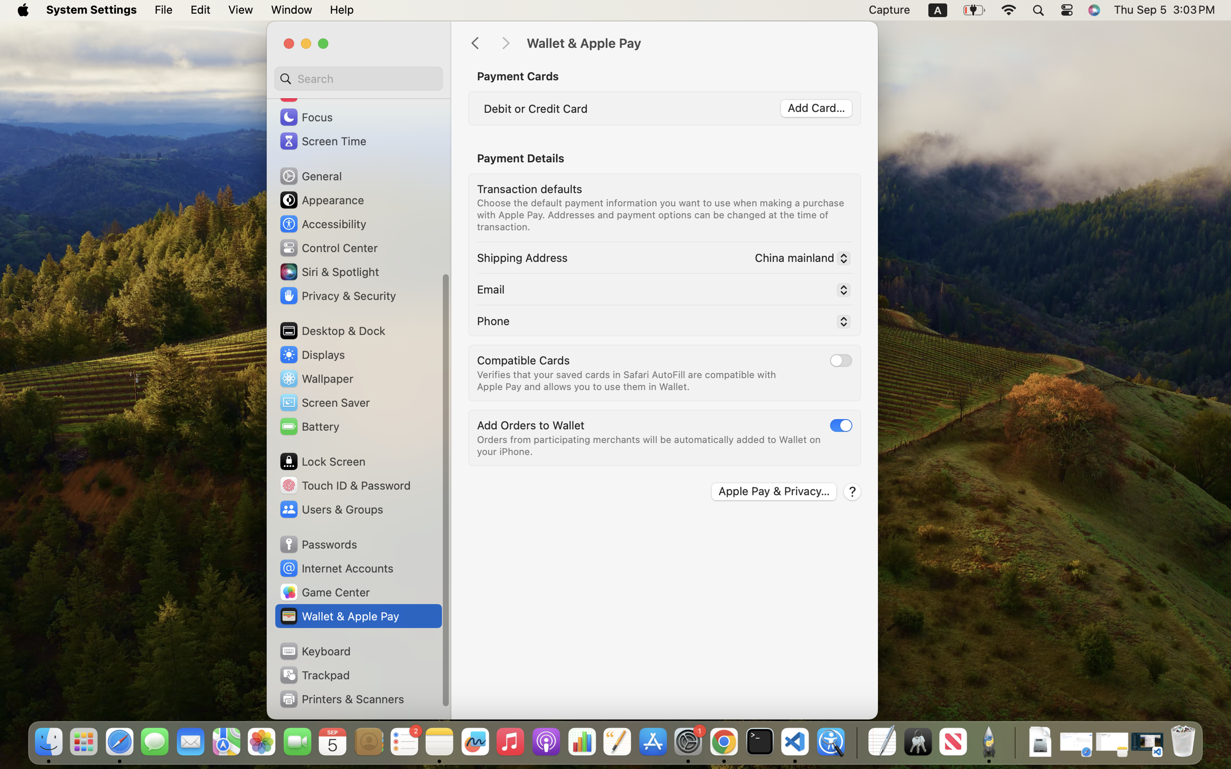  I want to click on 'Choose the default payment information you want to use when making a purchase with Apple Pay. Addresses and payment options can be changed at the time of transaction.', so click(662, 215).